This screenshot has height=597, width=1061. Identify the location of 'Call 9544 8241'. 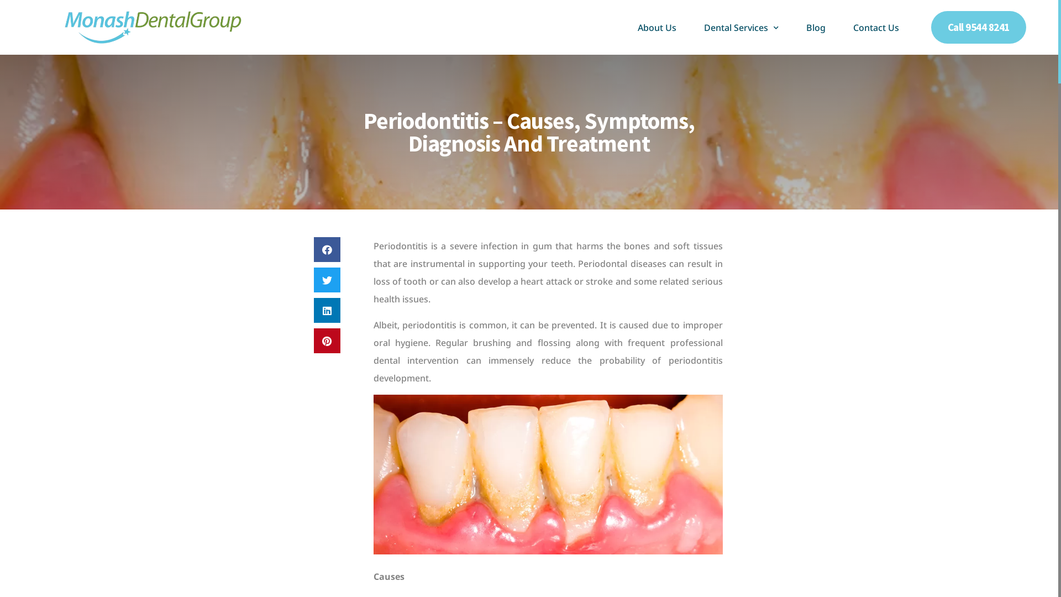
(979, 27).